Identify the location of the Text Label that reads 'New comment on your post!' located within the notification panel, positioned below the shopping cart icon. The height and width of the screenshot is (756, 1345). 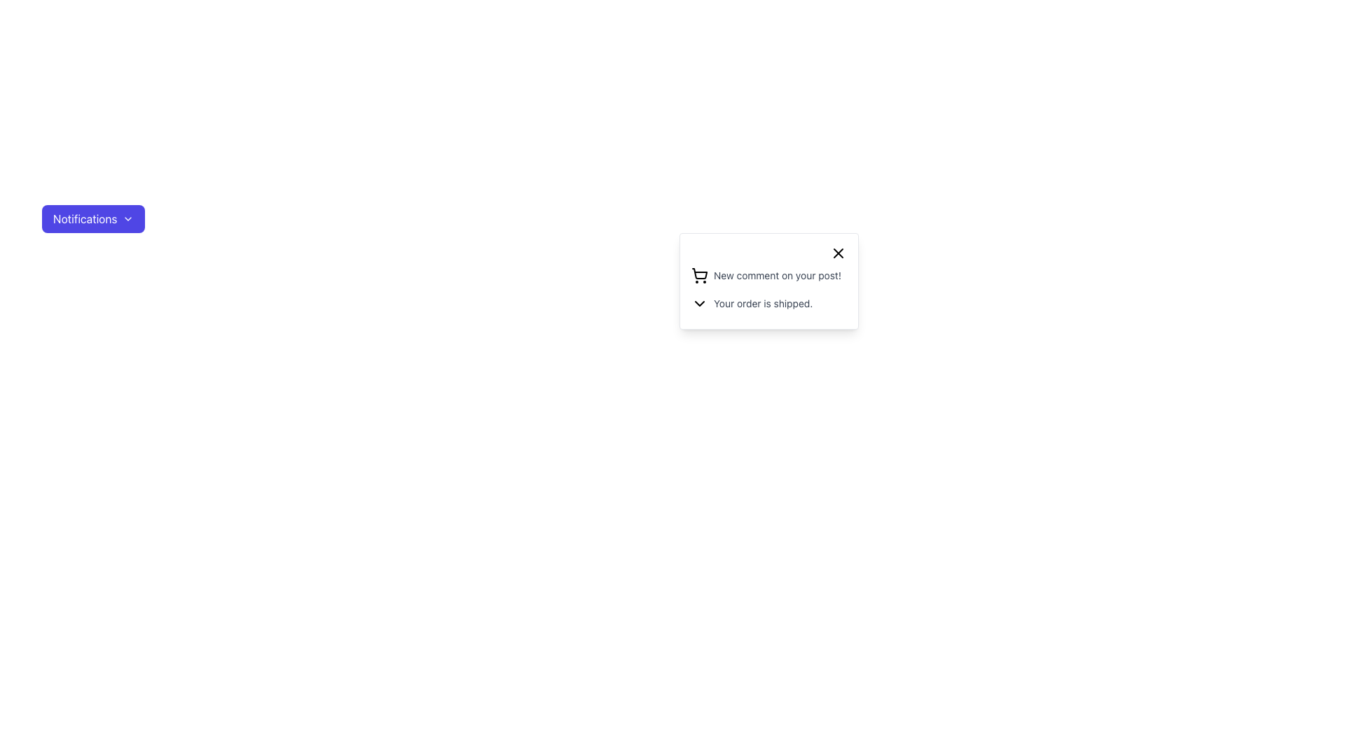
(776, 275).